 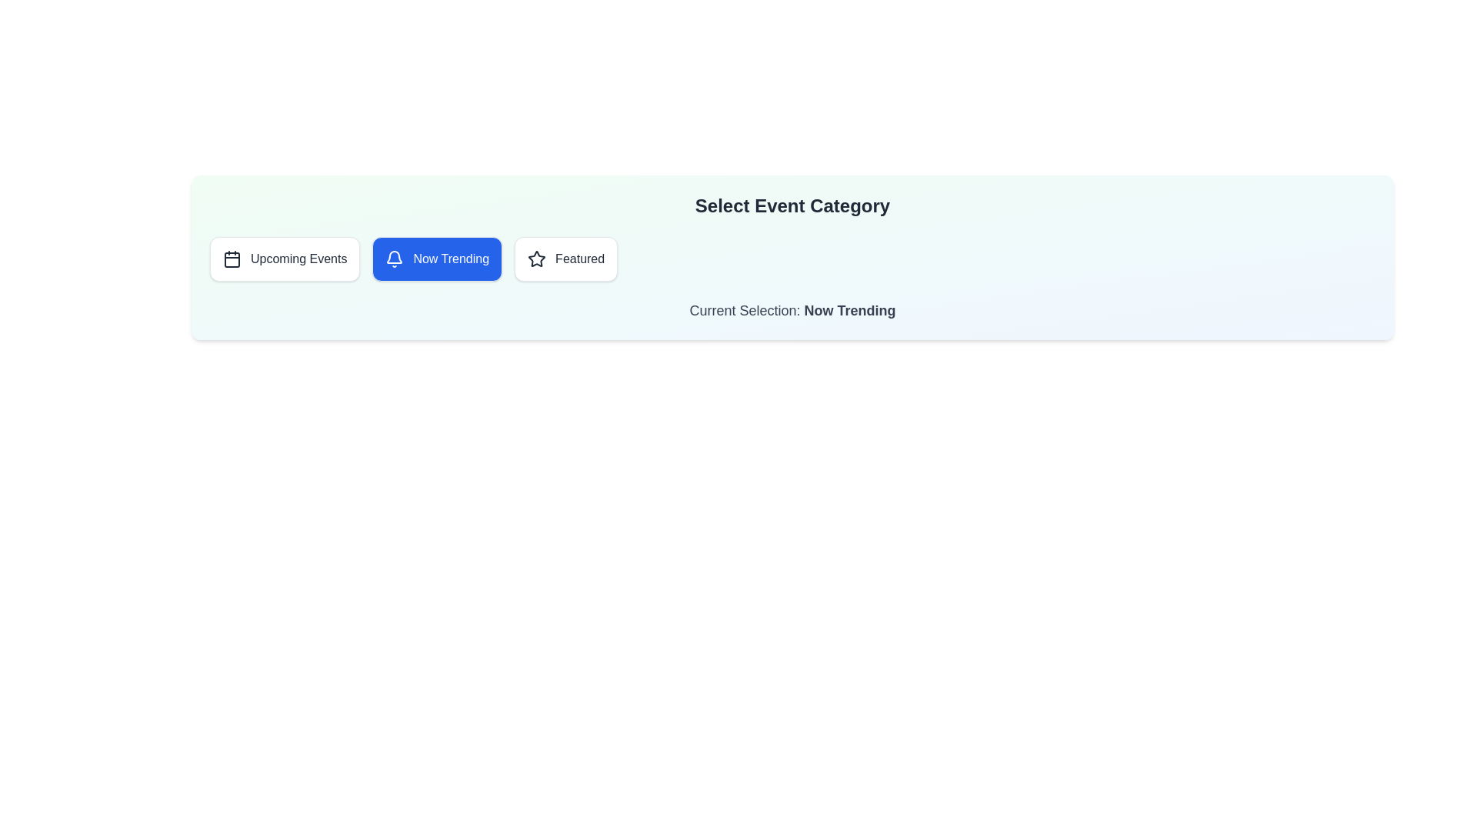 What do you see at coordinates (436, 258) in the screenshot?
I see `the button labeled 'Now Trending' with a blue background and white text to observe hover effects` at bounding box center [436, 258].